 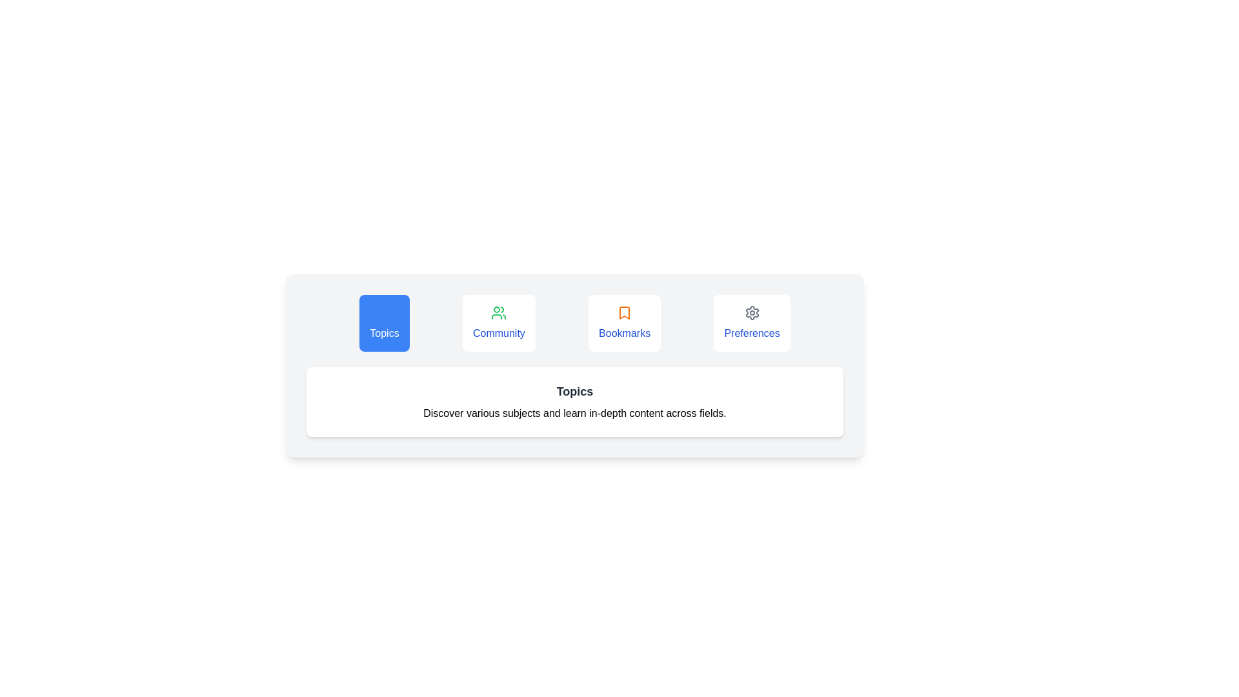 I want to click on the Topics tab by clicking on its button, so click(x=383, y=323).